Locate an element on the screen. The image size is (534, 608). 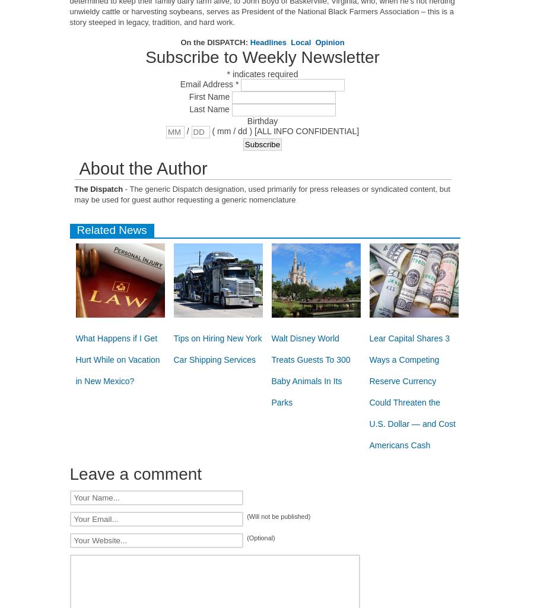
'Tips on Hiring New York Car Shipping Services' is located at coordinates (217, 348).